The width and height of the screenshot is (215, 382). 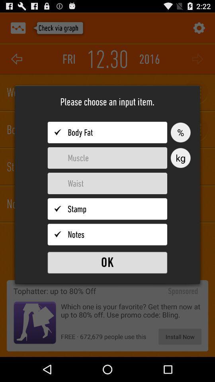 What do you see at coordinates (107, 234) in the screenshot?
I see `notes down` at bounding box center [107, 234].